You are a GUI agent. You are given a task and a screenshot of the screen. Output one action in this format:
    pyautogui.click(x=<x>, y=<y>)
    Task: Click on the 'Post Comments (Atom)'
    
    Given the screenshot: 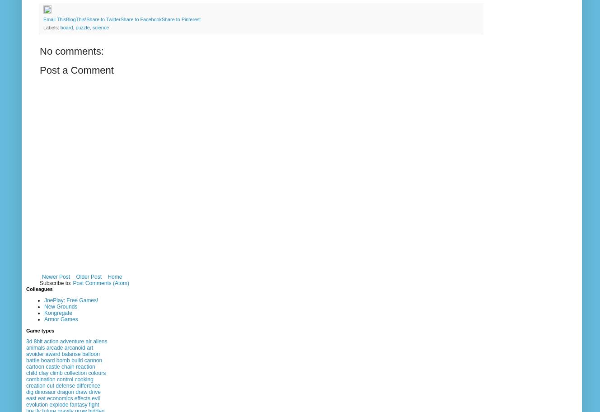 What is the action you would take?
    pyautogui.click(x=100, y=283)
    